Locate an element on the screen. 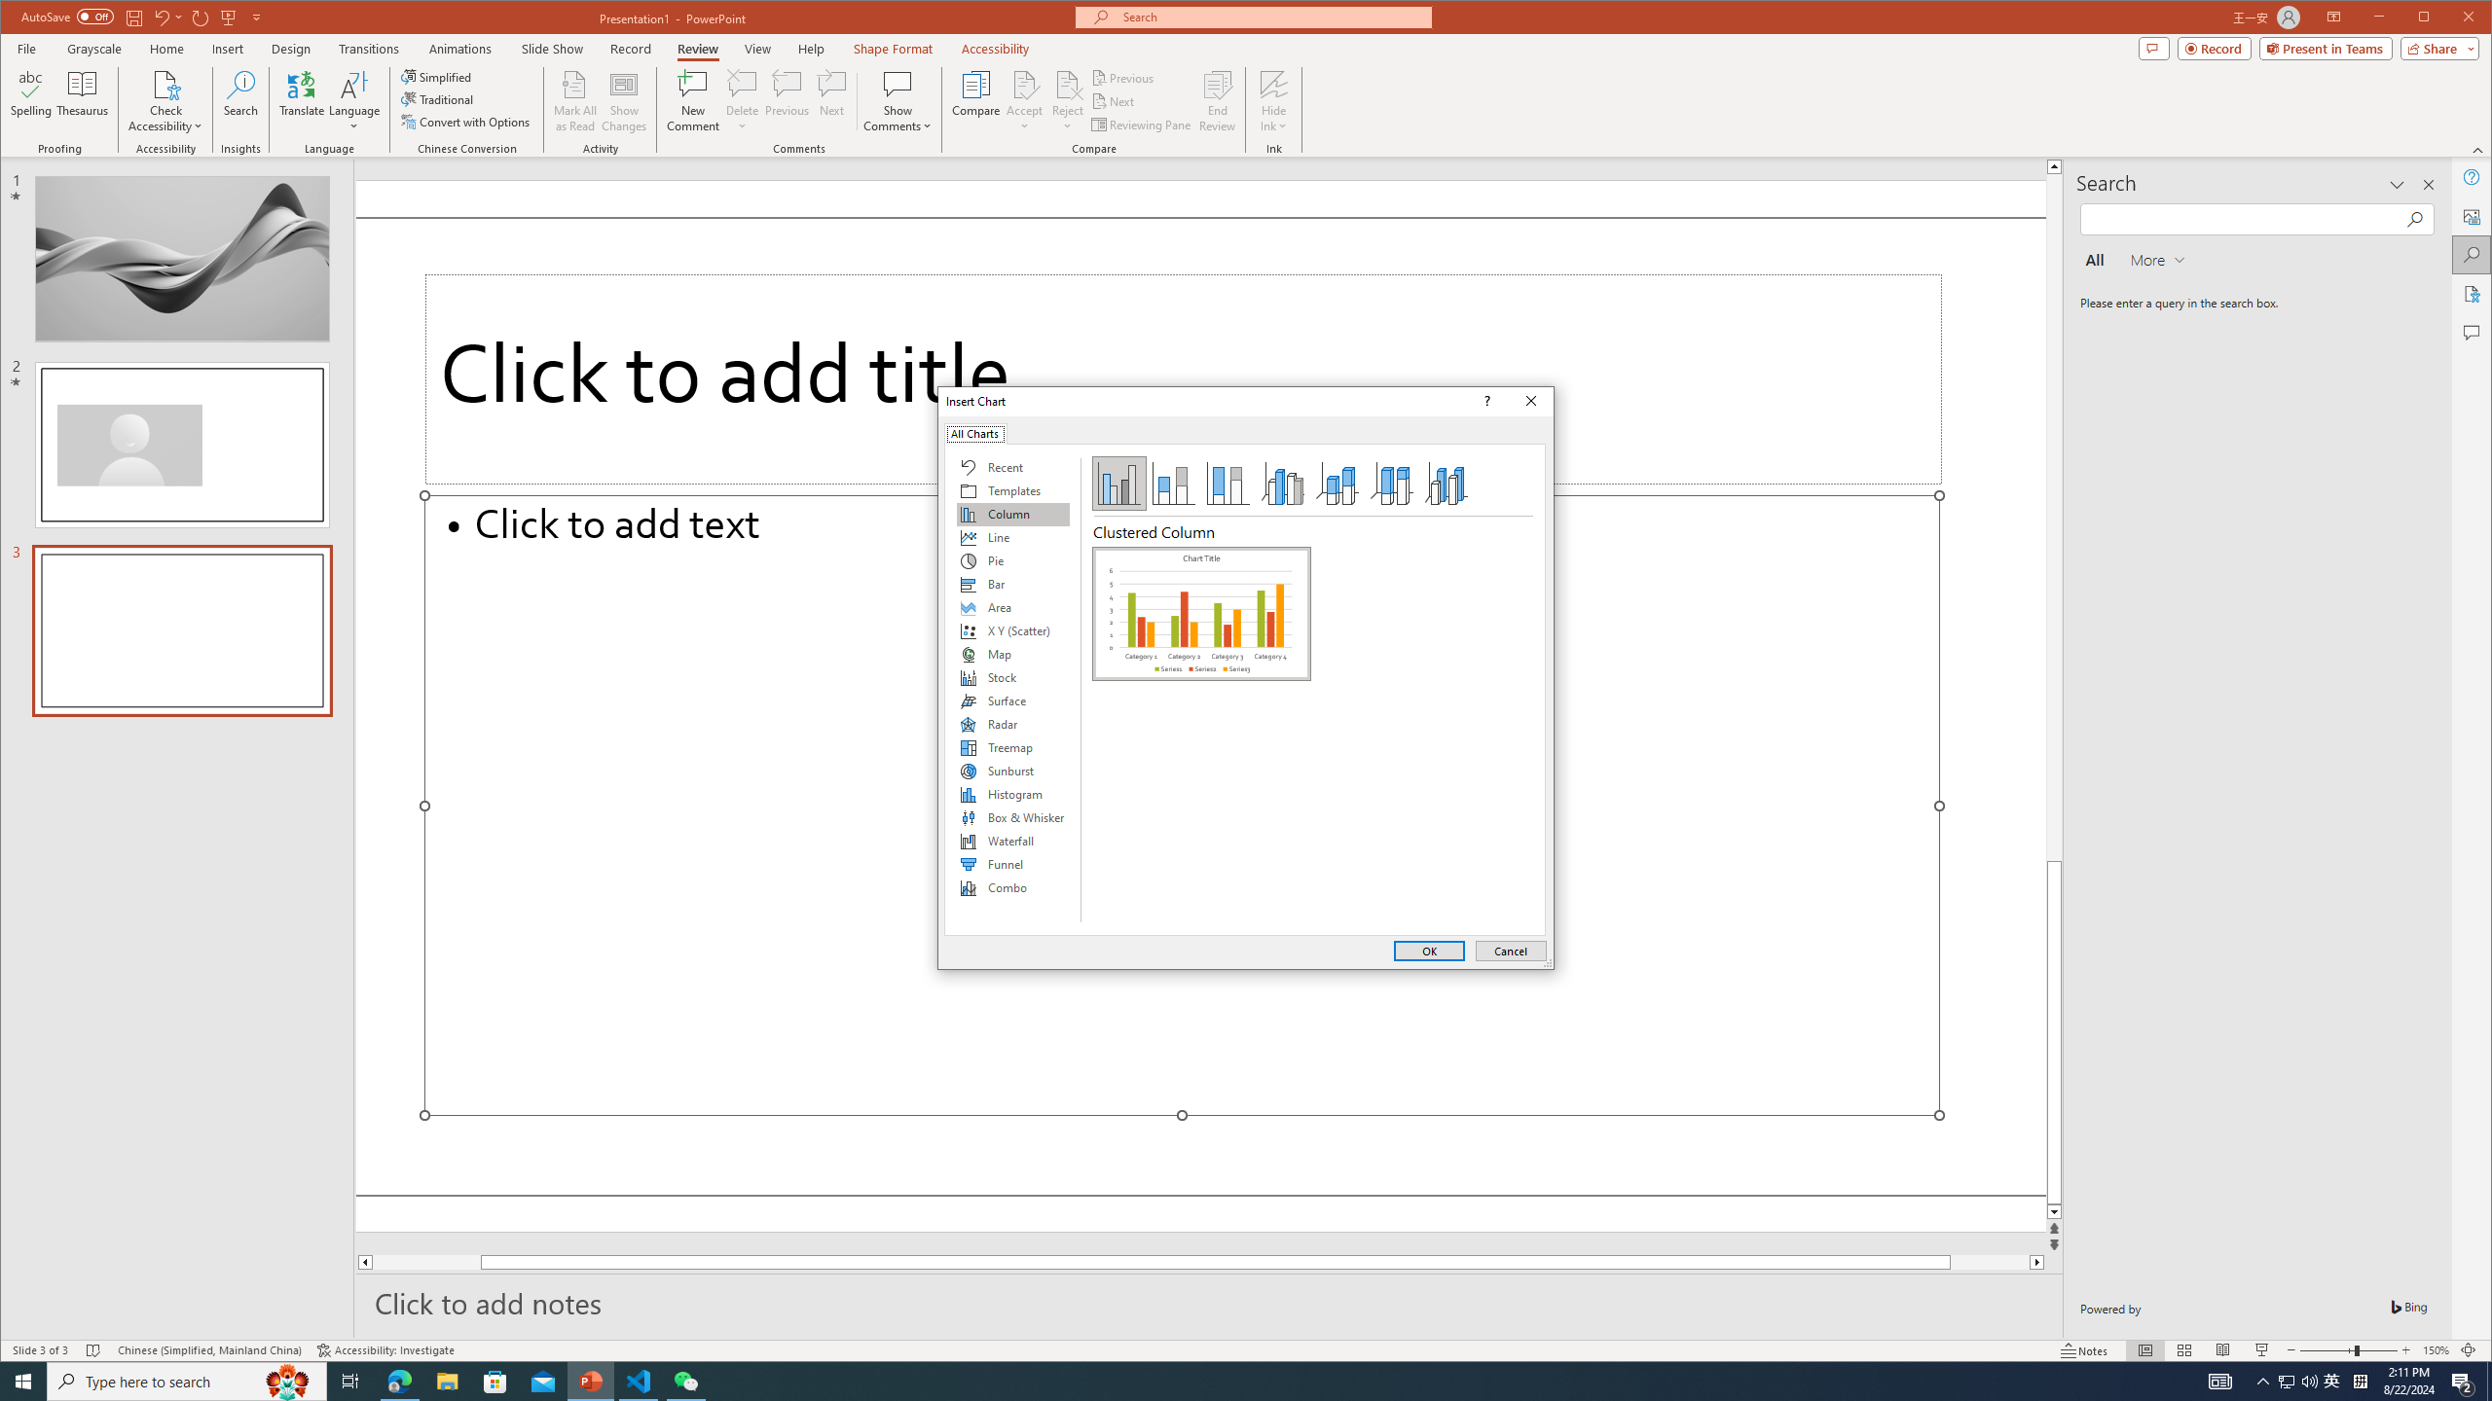  'Accept Change' is located at coordinates (1024, 83).